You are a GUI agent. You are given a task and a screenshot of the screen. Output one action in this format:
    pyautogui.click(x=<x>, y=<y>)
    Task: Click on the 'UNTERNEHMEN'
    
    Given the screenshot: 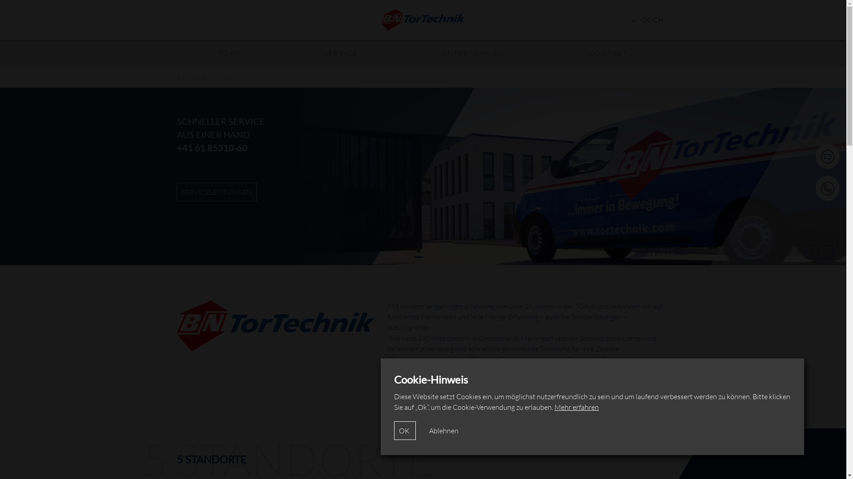 What is the action you would take?
    pyautogui.click(x=472, y=53)
    